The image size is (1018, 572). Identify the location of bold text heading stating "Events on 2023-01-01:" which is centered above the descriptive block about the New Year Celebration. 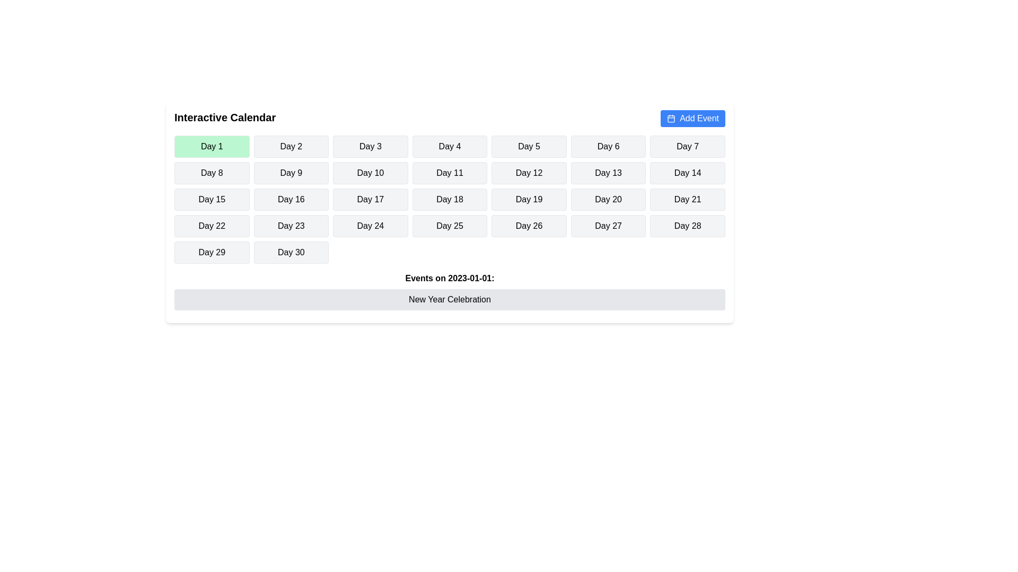
(450, 278).